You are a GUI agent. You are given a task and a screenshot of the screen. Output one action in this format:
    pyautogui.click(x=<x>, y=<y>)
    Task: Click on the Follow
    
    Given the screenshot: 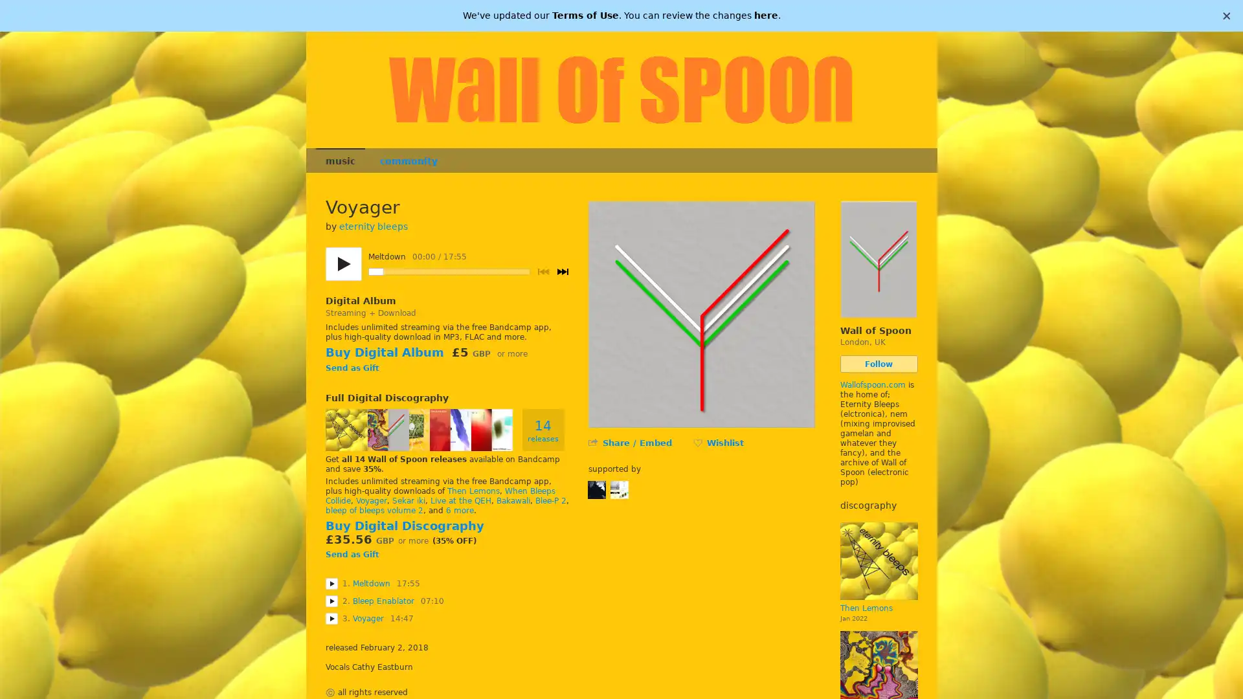 What is the action you would take?
    pyautogui.click(x=879, y=364)
    